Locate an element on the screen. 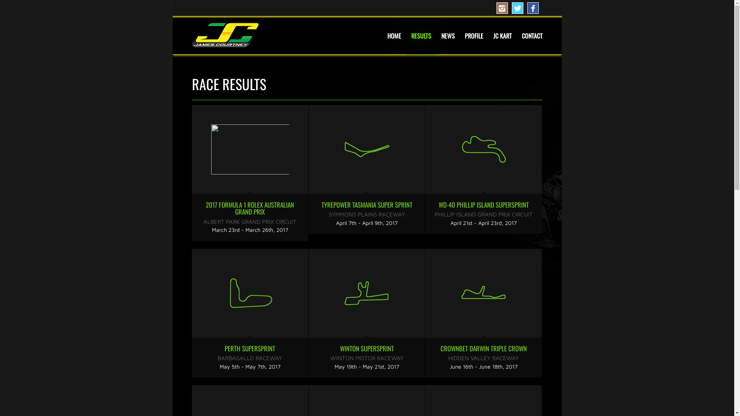  'Facebook' is located at coordinates (532, 8).